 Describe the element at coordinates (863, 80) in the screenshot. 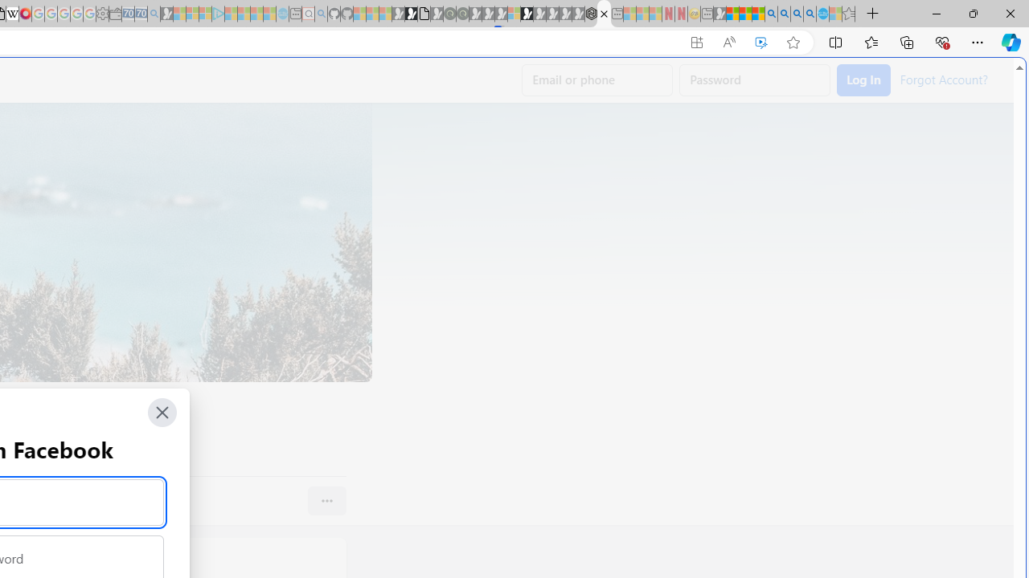

I see `'Accessible login button'` at that location.